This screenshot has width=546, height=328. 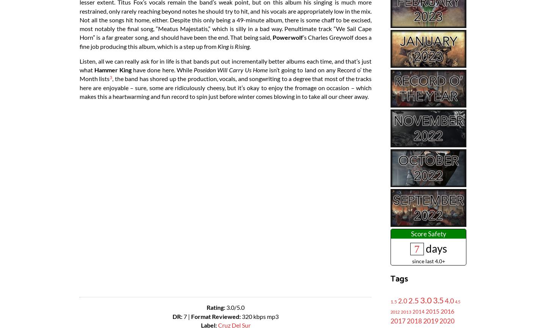 What do you see at coordinates (226, 66) in the screenshot?
I see `'Listen, all we can really ask for in life is that bands put out incrementally better albums each time, and that’s just what'` at bounding box center [226, 66].